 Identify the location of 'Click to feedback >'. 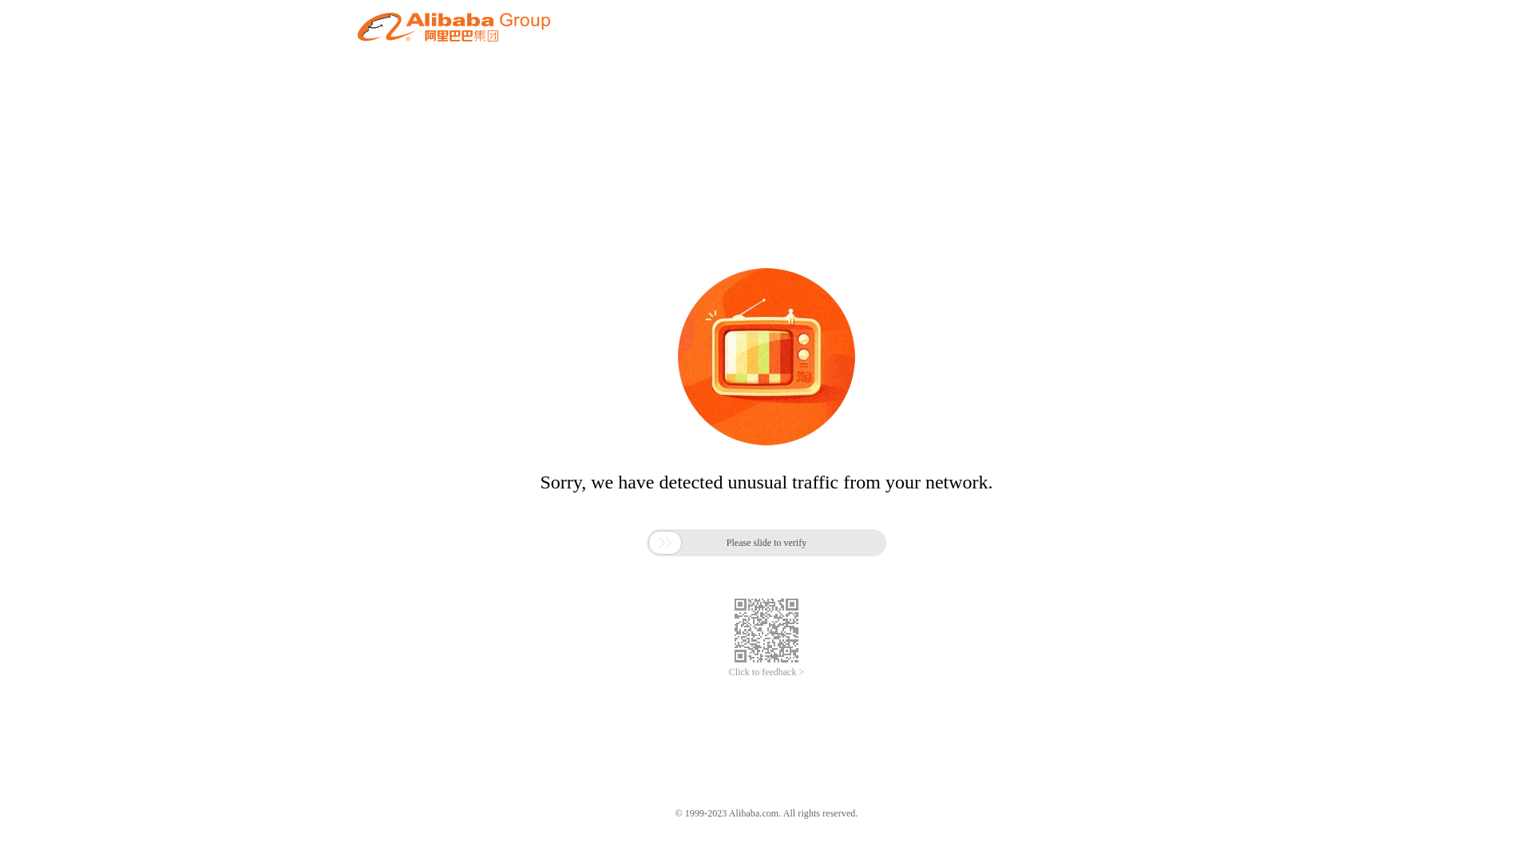
(766, 672).